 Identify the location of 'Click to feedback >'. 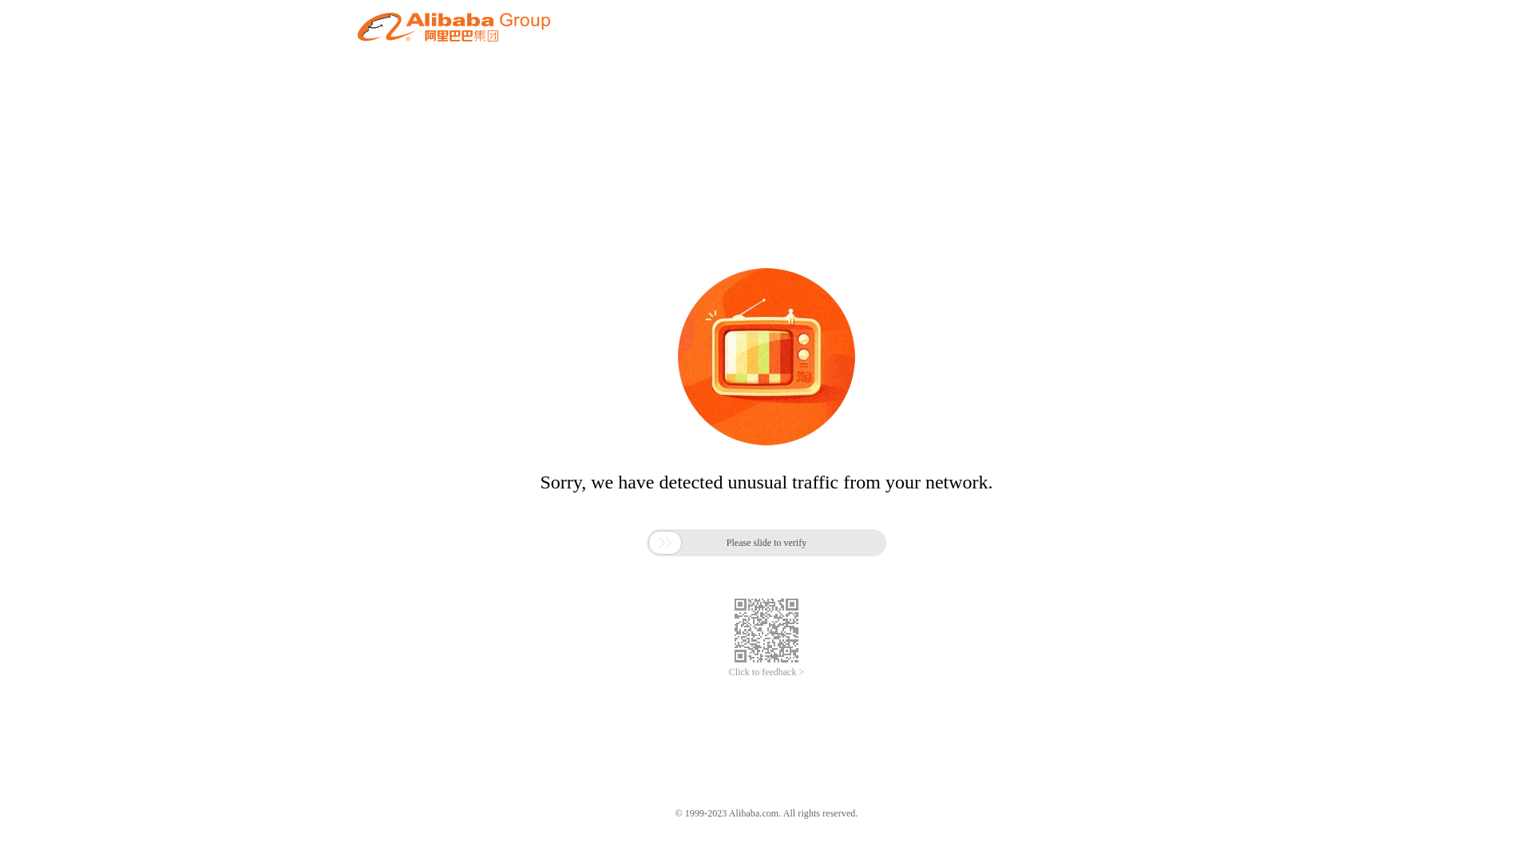
(766, 672).